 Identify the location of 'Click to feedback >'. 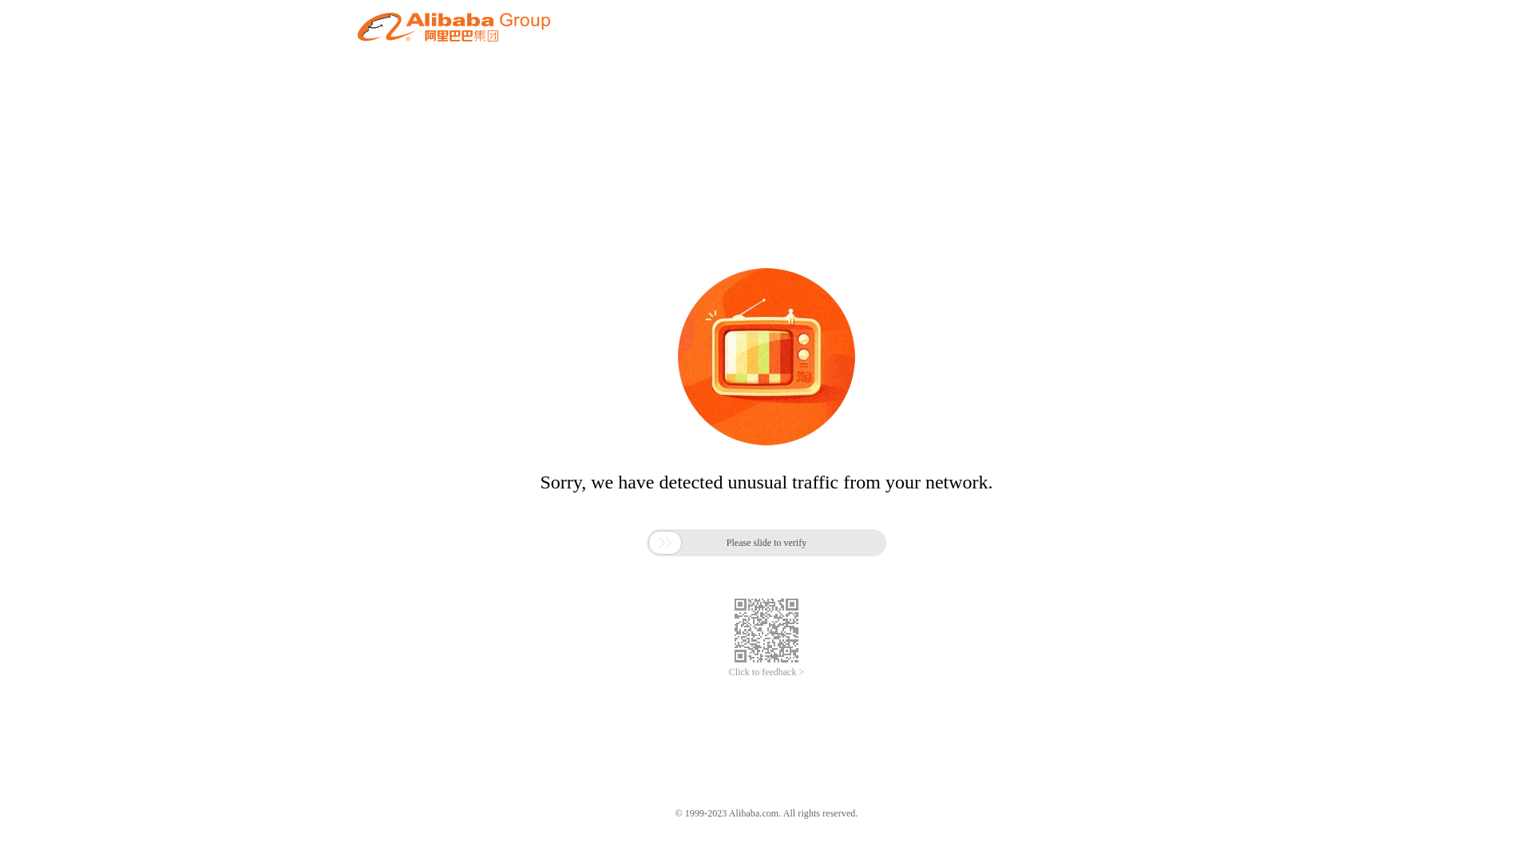
(766, 672).